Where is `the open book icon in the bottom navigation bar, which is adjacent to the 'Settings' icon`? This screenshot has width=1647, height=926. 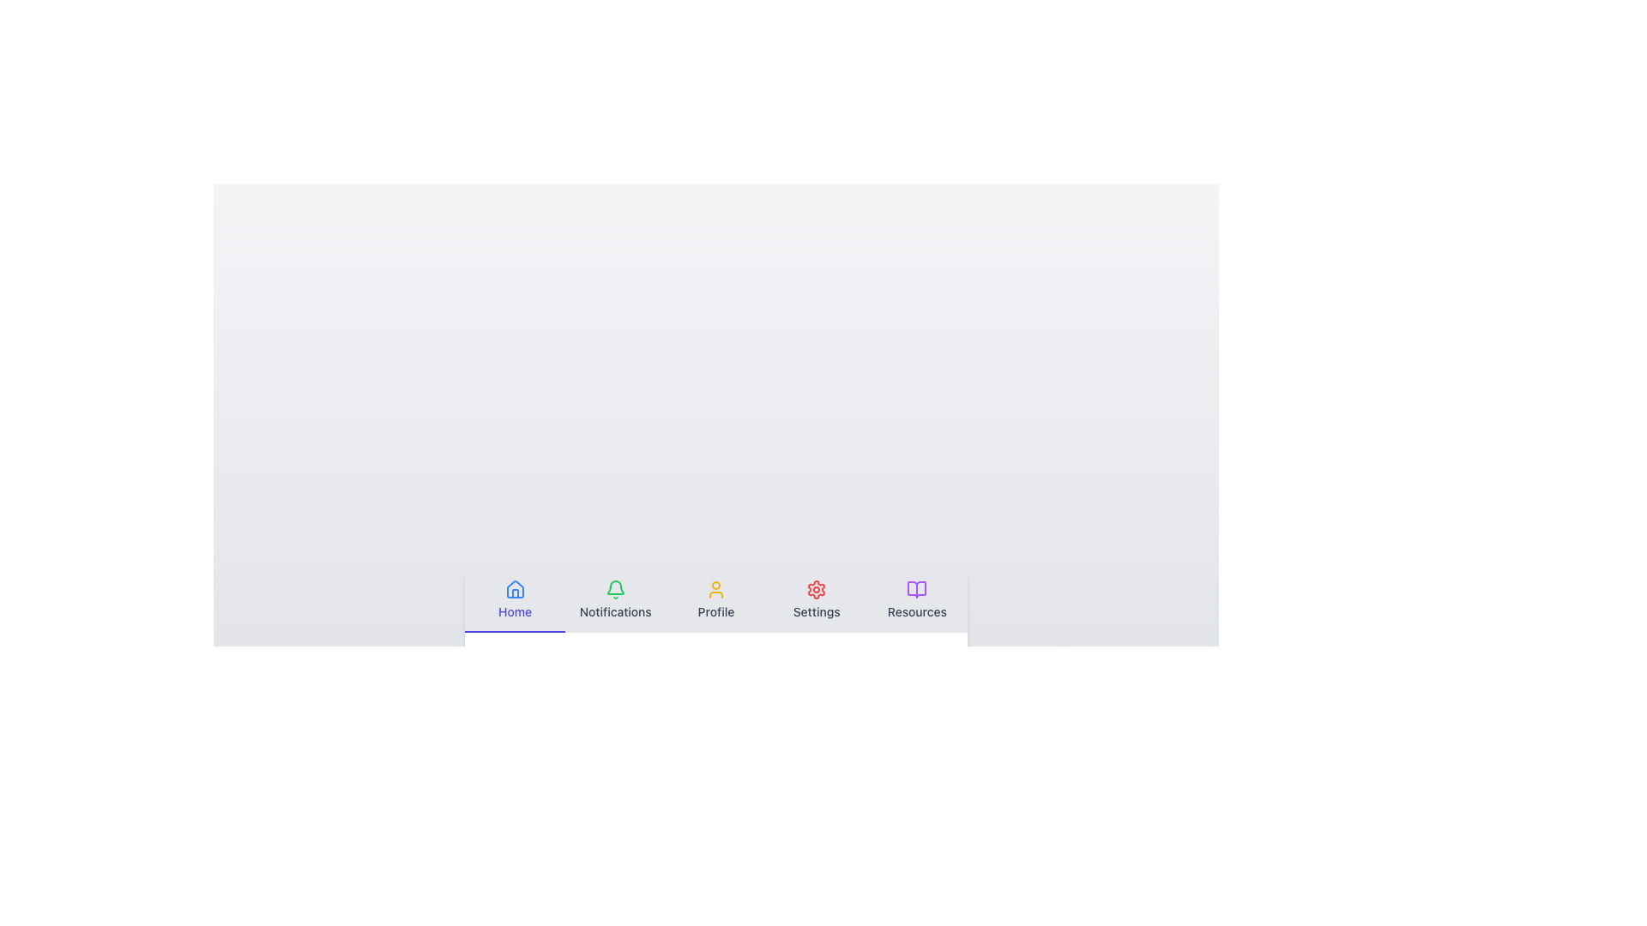 the open book icon in the bottom navigation bar, which is adjacent to the 'Settings' icon is located at coordinates (916, 588).